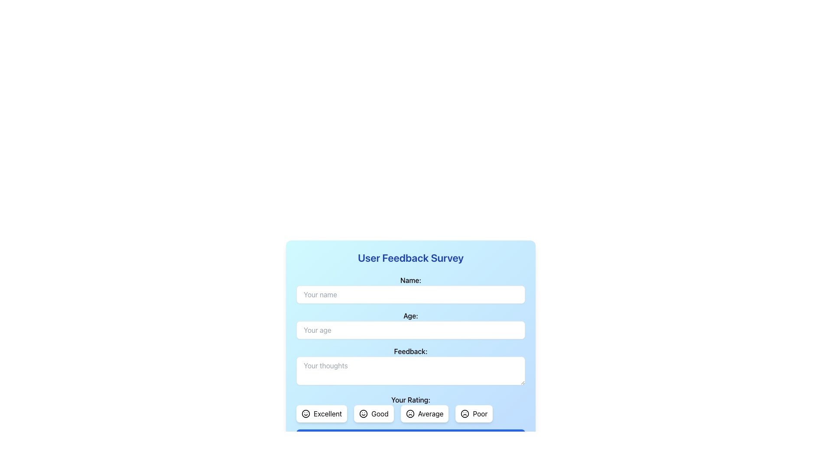  Describe the element at coordinates (364, 413) in the screenshot. I see `the button labeled 'Good' which encloses the sentiment 'Good' icon located on the left side of it in the rating section beneath the feedback form` at that location.